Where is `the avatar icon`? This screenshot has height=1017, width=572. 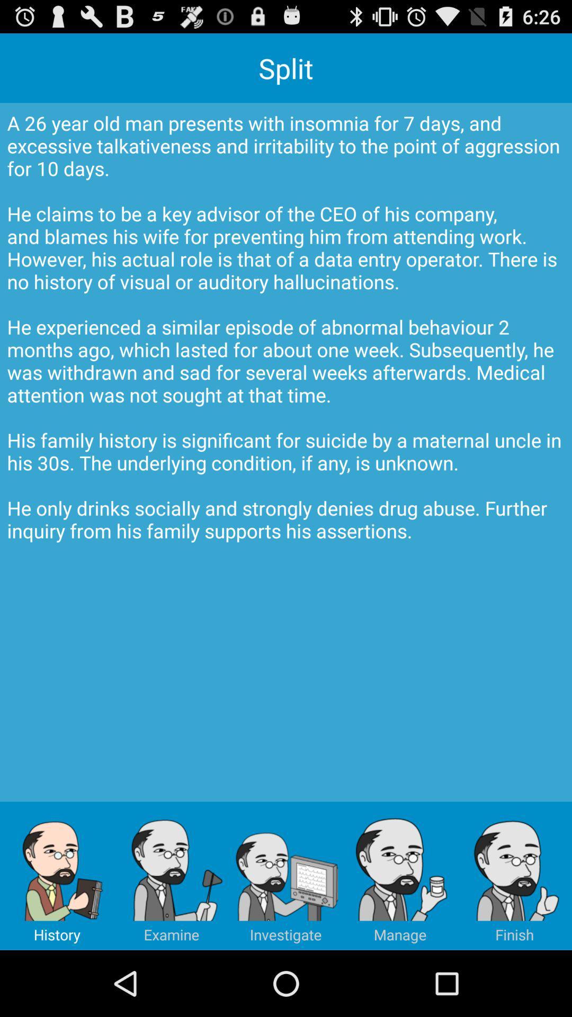 the avatar icon is located at coordinates (400, 937).